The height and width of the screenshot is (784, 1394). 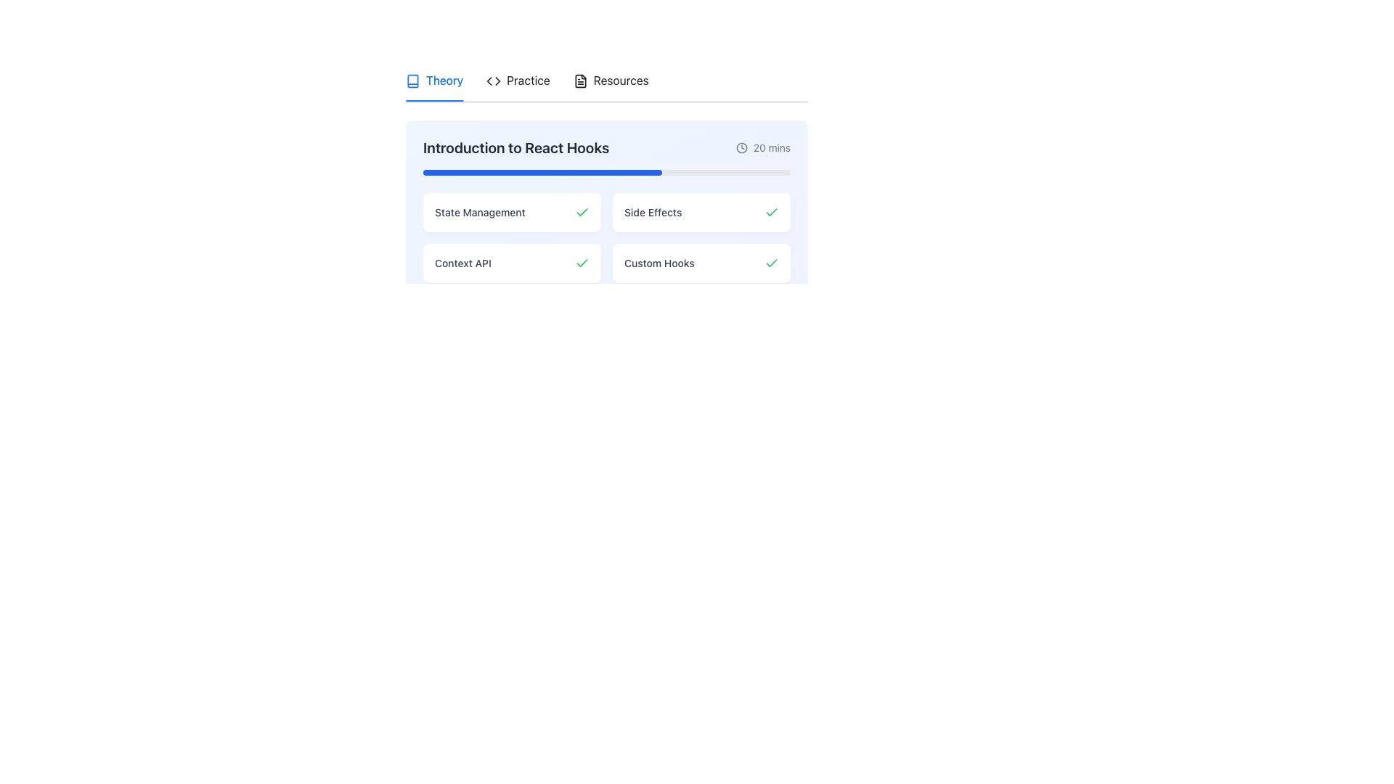 What do you see at coordinates (412, 81) in the screenshot?
I see `the decorative SVG element that represents the left page-like region of the book icon, located immediately before the navigation tab labeled 'Theory'` at bounding box center [412, 81].